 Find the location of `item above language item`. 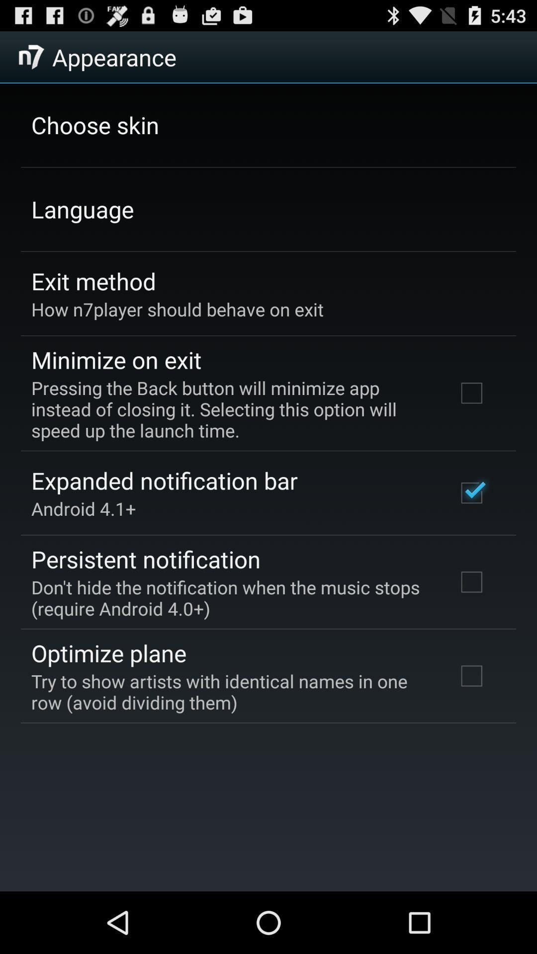

item above language item is located at coordinates (95, 124).